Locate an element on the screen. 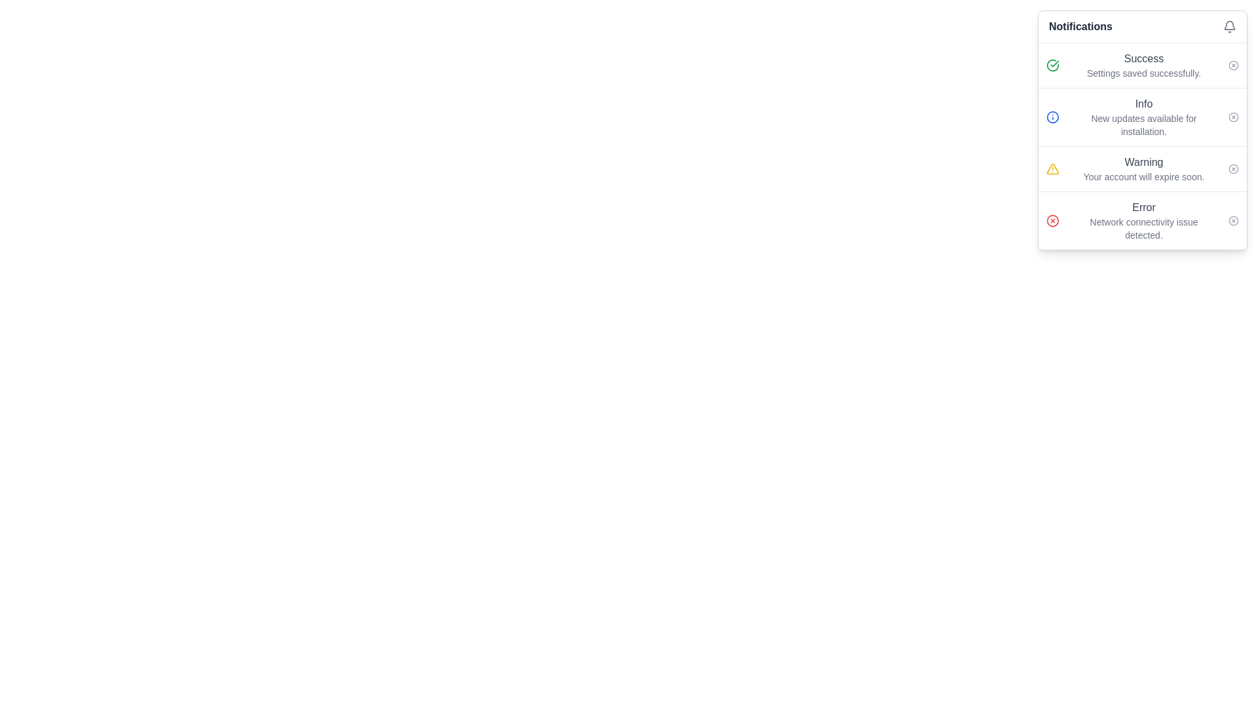 This screenshot has height=708, width=1258. the success icon located in the upper-left corner of the 'Success' notification, which indicates that settings have been saved successfully is located at coordinates (1053, 66).